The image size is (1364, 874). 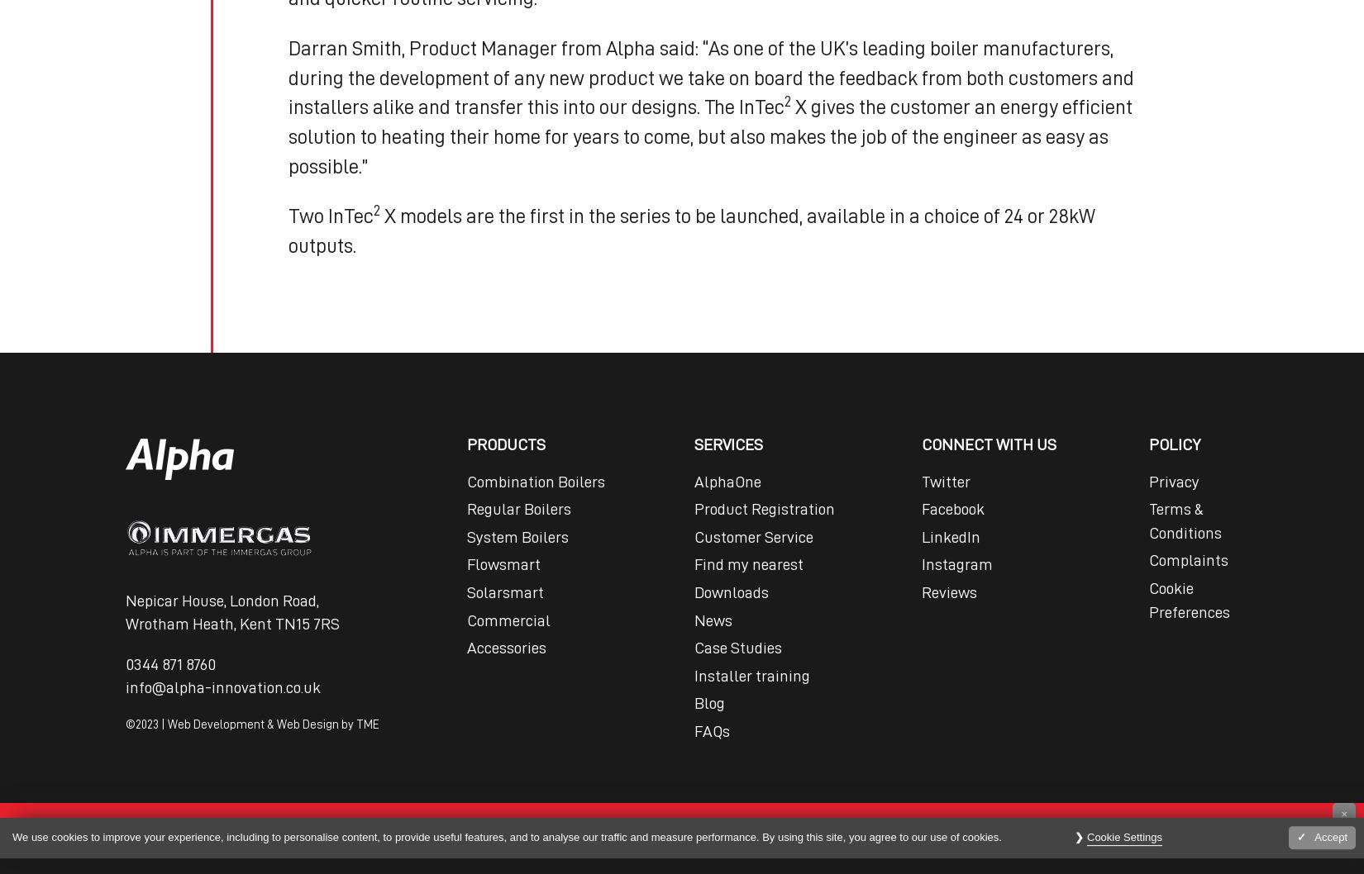 What do you see at coordinates (503, 592) in the screenshot?
I see `'Solarsmart'` at bounding box center [503, 592].